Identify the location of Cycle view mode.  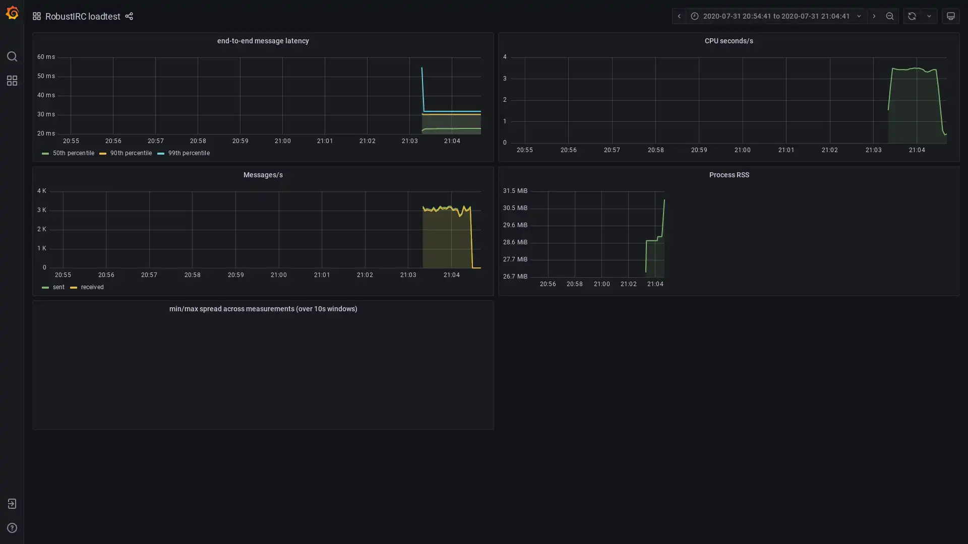
(950, 16).